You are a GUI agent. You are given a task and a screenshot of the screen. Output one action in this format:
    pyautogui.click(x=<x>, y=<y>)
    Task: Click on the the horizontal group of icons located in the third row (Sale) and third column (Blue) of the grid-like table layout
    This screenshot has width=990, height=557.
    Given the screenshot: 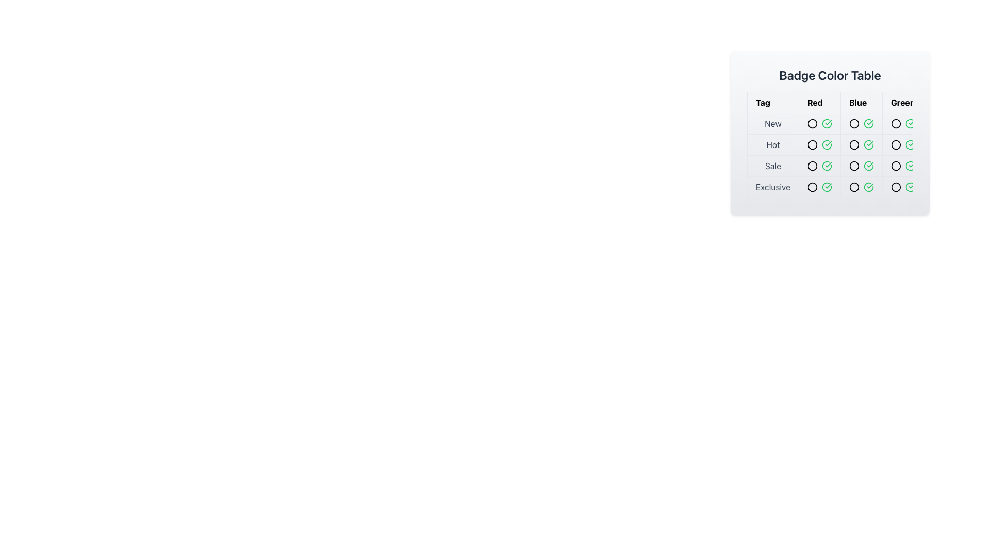 What is the action you would take?
    pyautogui.click(x=861, y=165)
    